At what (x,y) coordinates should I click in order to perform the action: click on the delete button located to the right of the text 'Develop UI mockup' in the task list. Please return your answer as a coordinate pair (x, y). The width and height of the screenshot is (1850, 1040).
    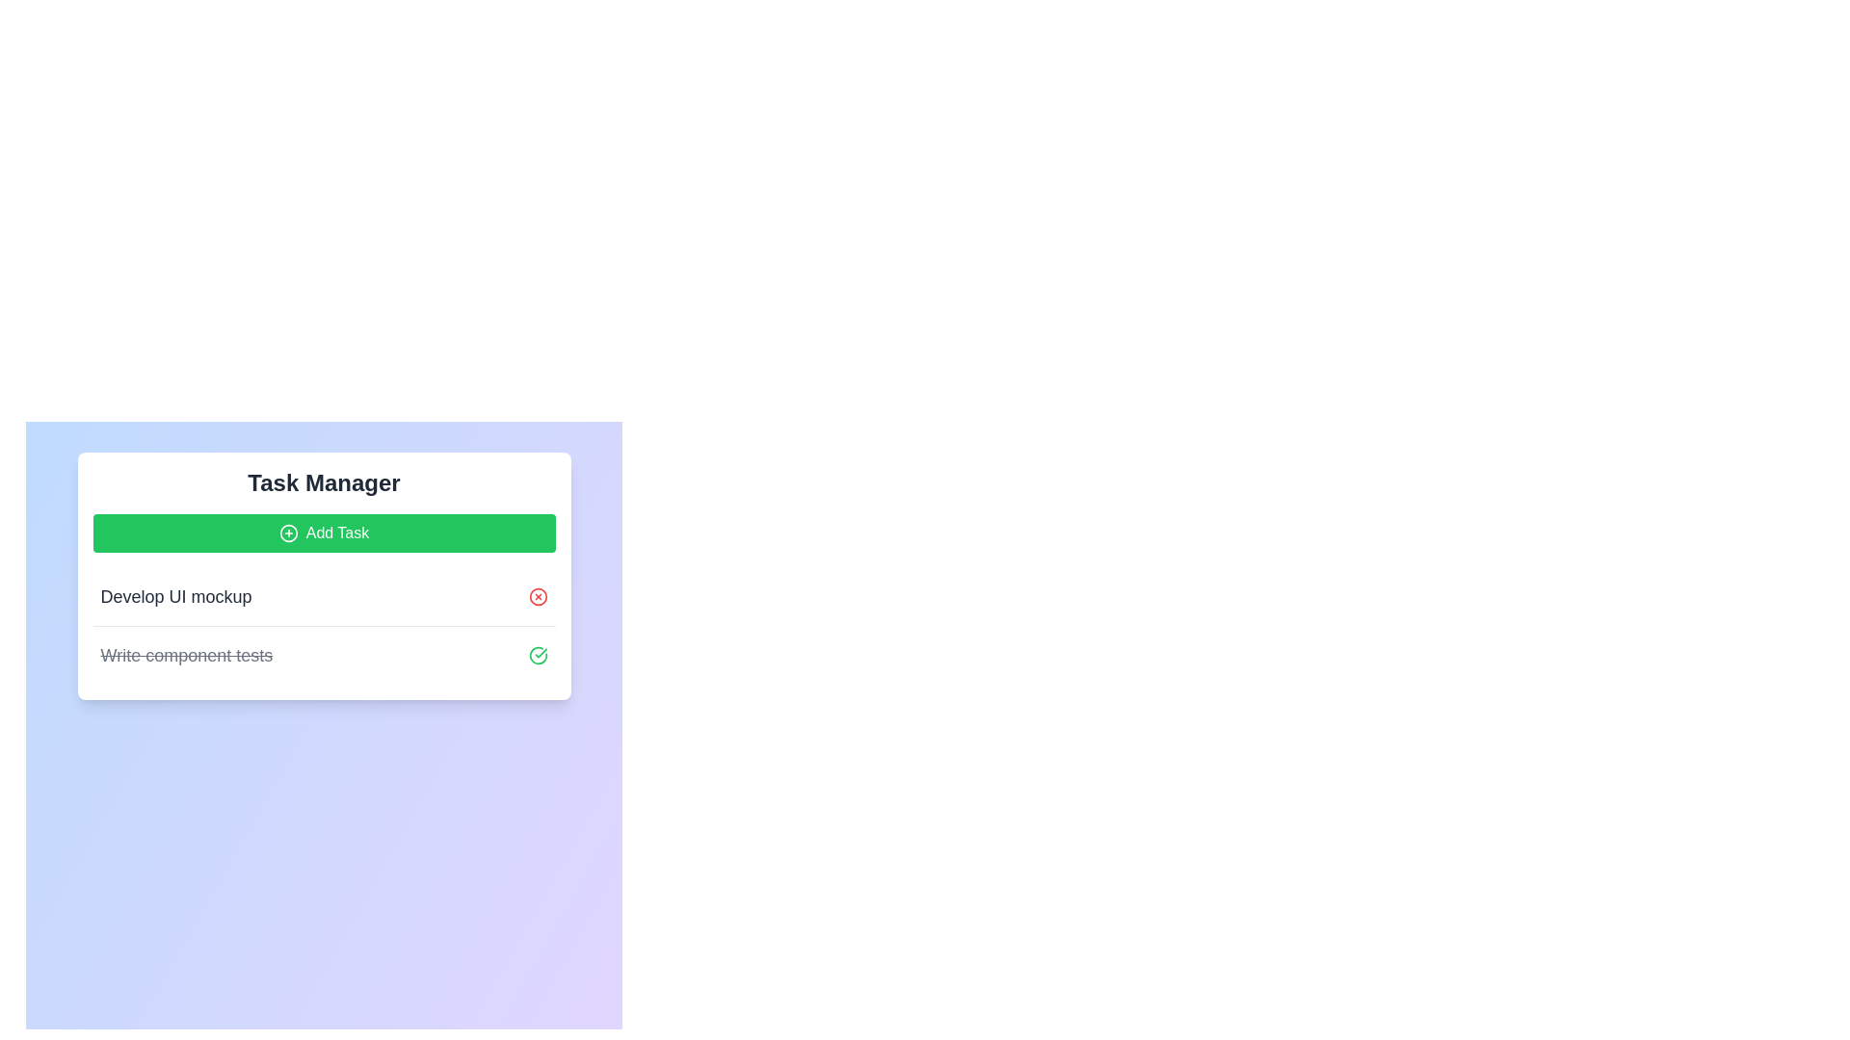
    Looking at the image, I should click on (538, 596).